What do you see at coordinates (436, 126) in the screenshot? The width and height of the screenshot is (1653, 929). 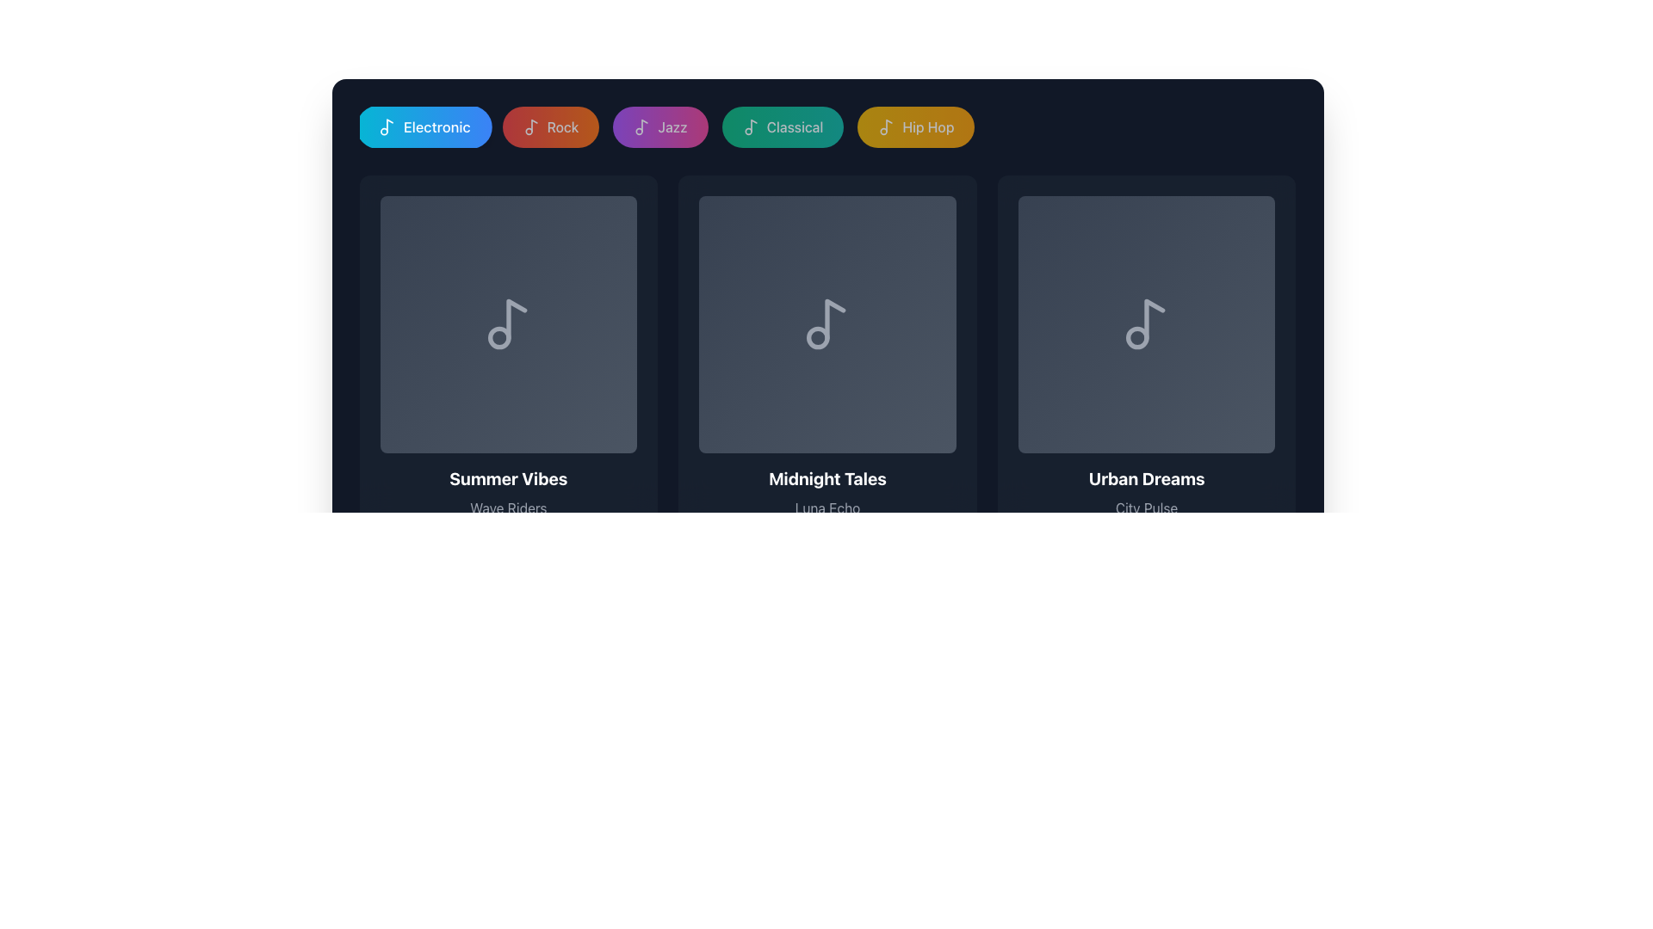 I see `the text label displaying 'Electronic'` at bounding box center [436, 126].